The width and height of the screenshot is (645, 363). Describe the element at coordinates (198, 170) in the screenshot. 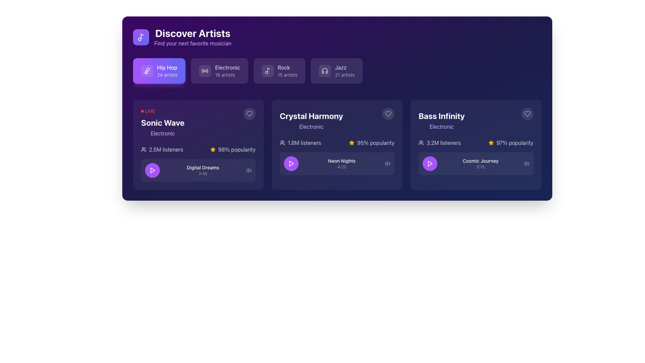

I see `the audio track list item for 'Digital Dreams' (3:45) located within the purple card for the 'Sonic Wave' artist` at that location.